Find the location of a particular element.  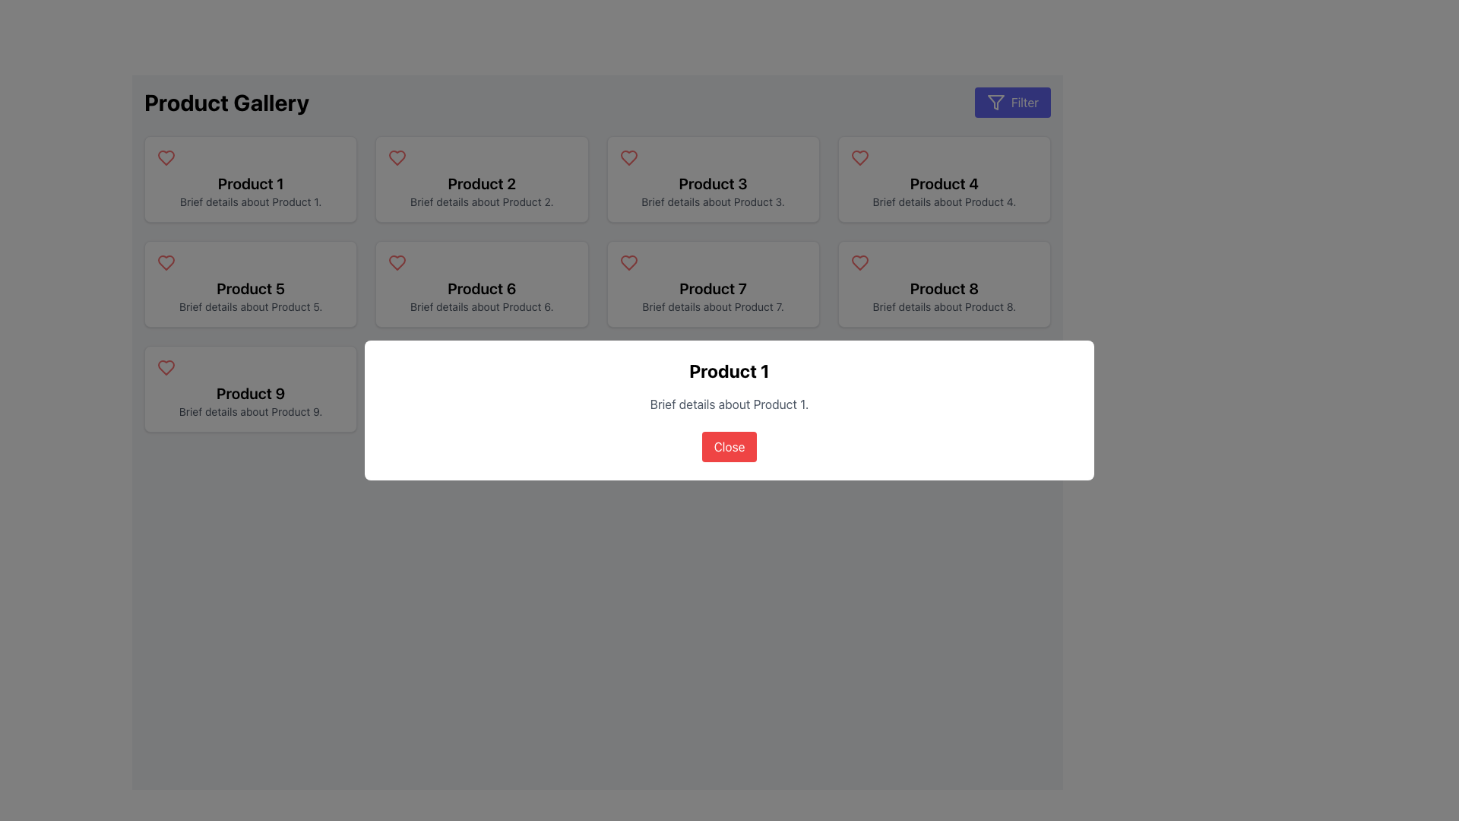

the small, gray funnel icon located within the blue 'Filter' button on the top-right corner of the interface is located at coordinates (995, 103).